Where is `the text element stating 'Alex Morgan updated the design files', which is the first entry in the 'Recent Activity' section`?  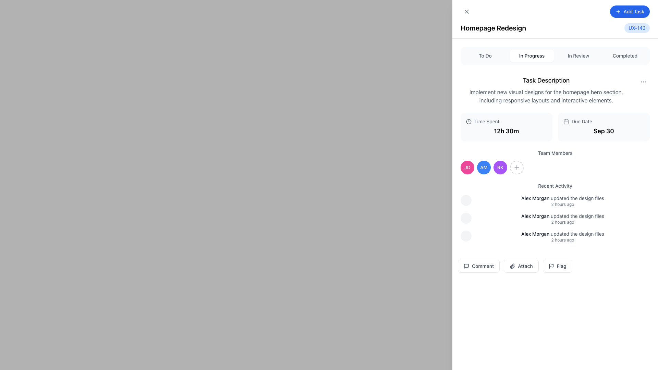 the text element stating 'Alex Morgan updated the design files', which is the first entry in the 'Recent Activity' section is located at coordinates (562, 198).